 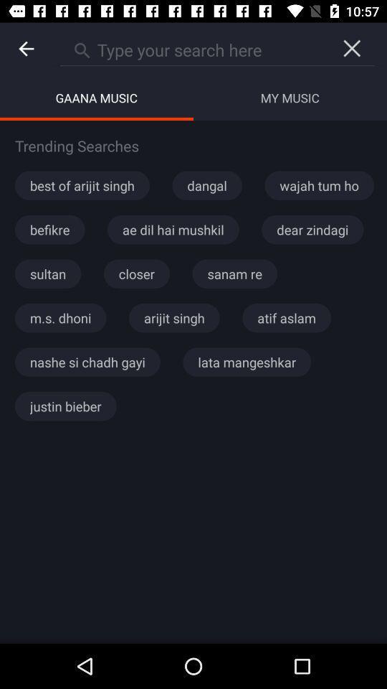 I want to click on type search keywords, so click(x=193, y=48).